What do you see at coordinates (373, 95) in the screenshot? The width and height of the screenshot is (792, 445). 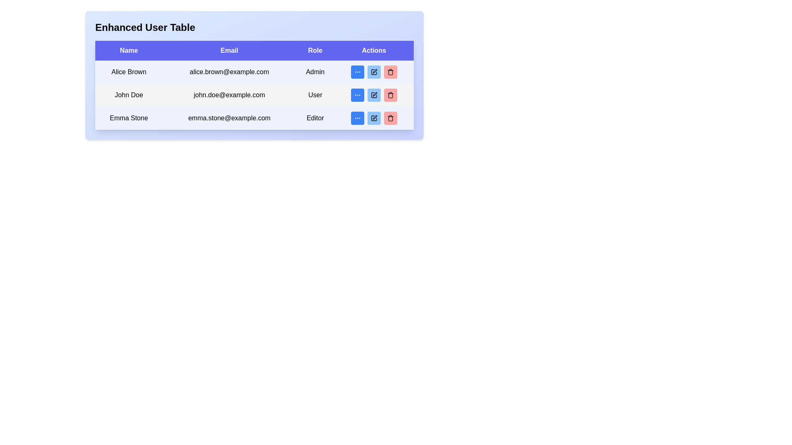 I see `the Action button with a pen icon in the Actions column of the second row associated with 'John Doe'` at bounding box center [373, 95].